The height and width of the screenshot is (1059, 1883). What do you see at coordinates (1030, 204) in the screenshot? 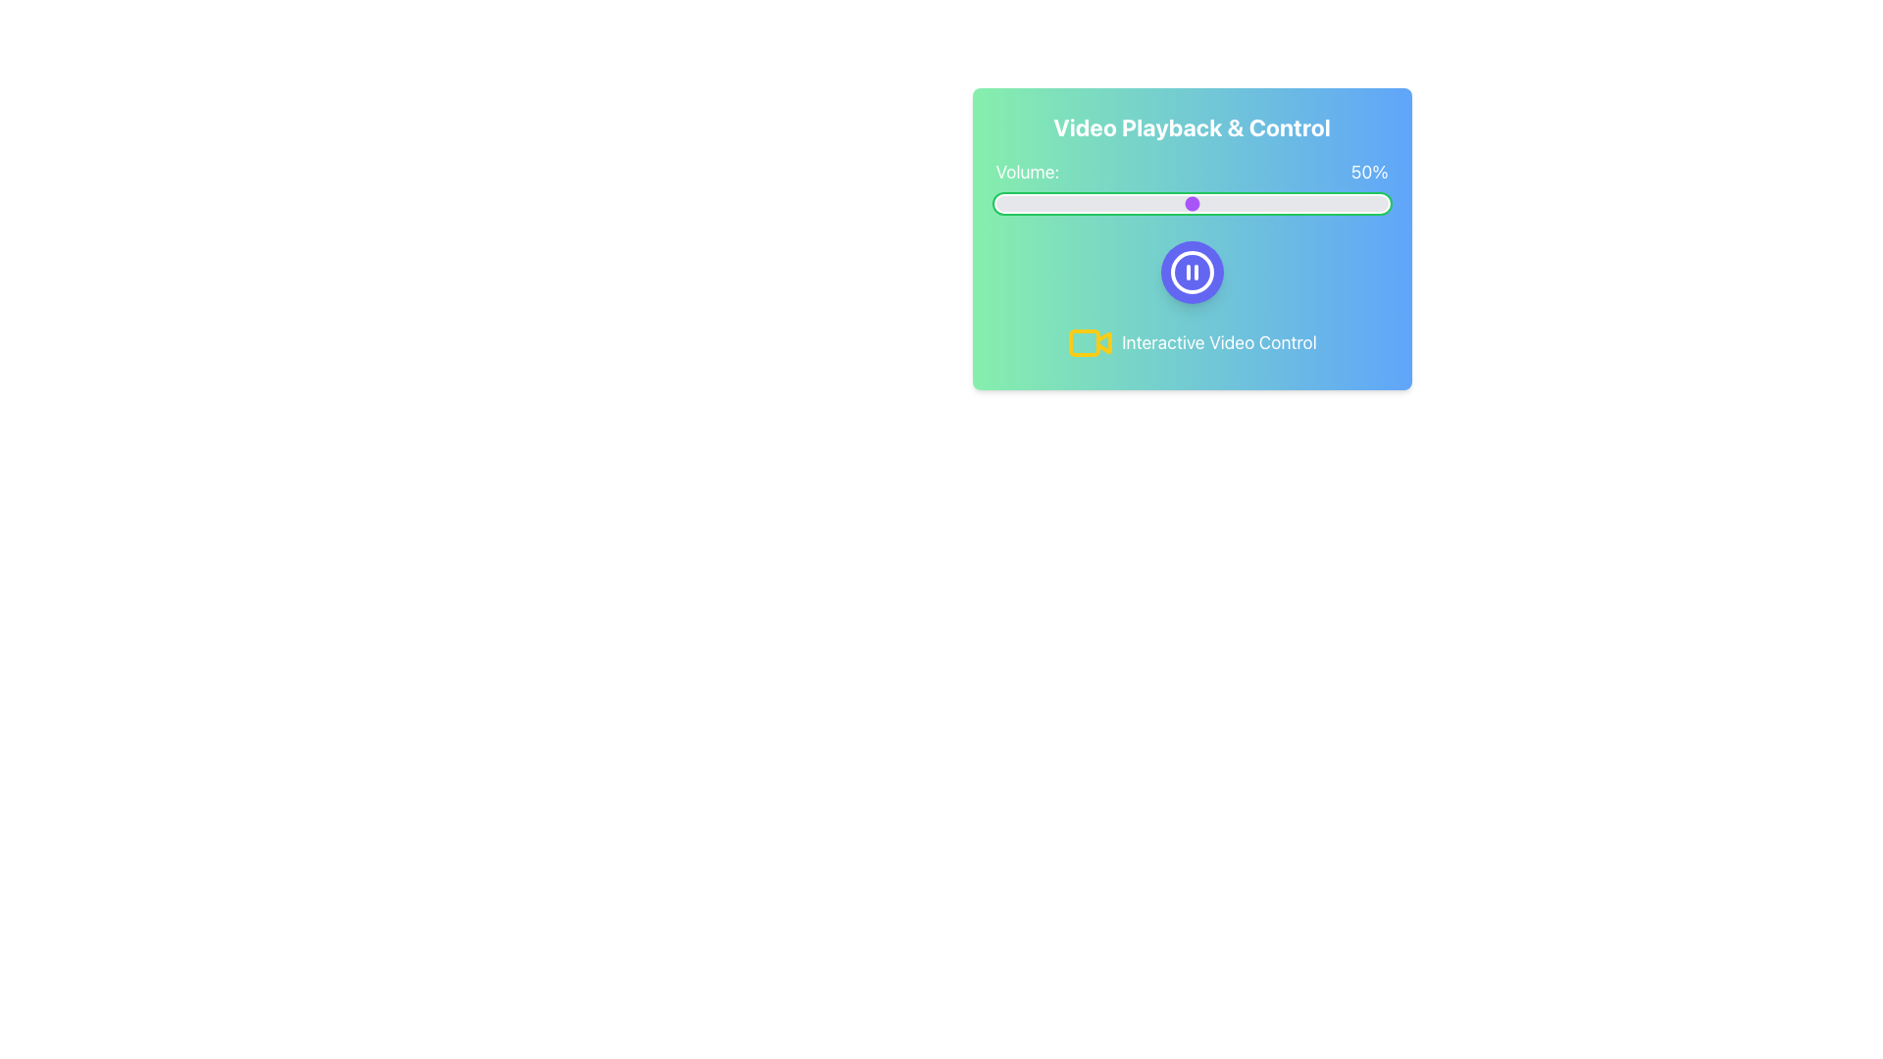
I see `the volume` at bounding box center [1030, 204].